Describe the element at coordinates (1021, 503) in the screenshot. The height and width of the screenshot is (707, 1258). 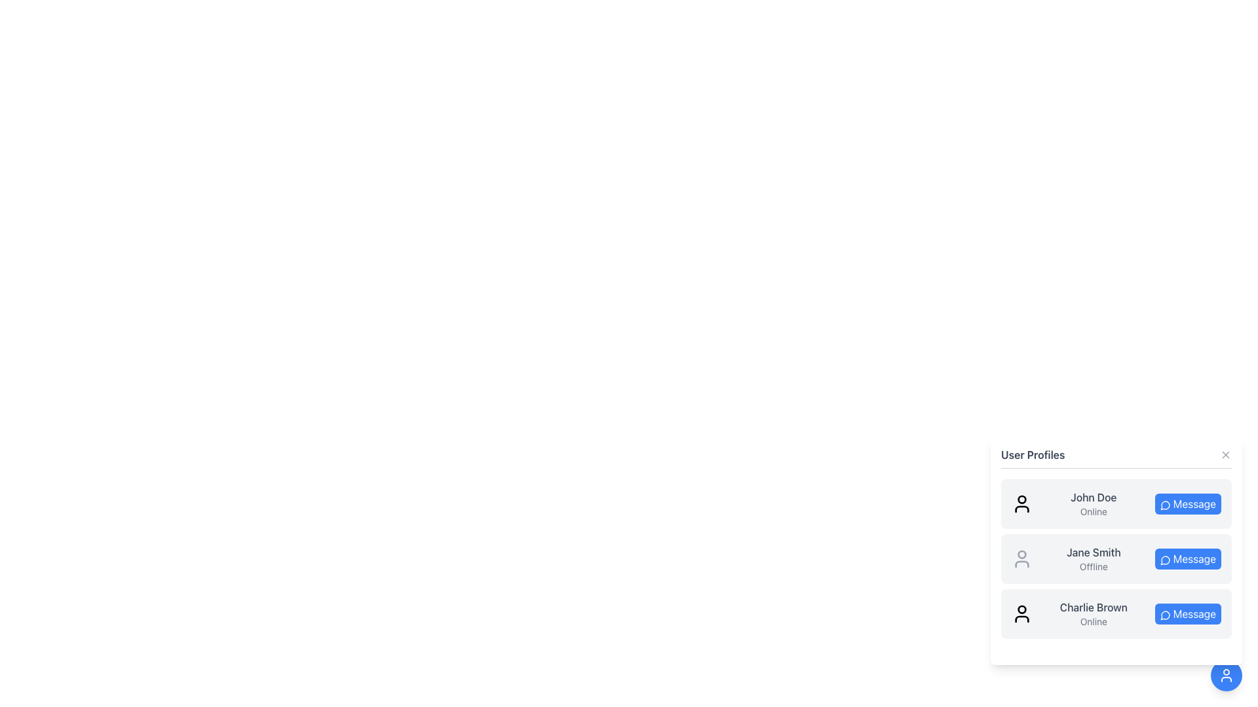
I see `the User Profile Icon resembling a user silhouette with a black and green tint, located next to the name 'John Doe'` at that location.